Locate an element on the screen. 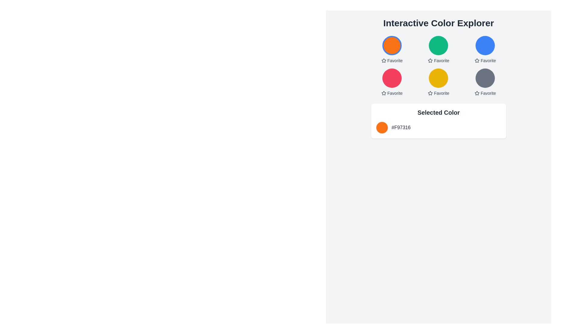 This screenshot has height=326, width=579. the 'Favorite' text label which indicates the purpose of the adjacent star-shaped icon, positioned to the right of the icon is located at coordinates (441, 60).